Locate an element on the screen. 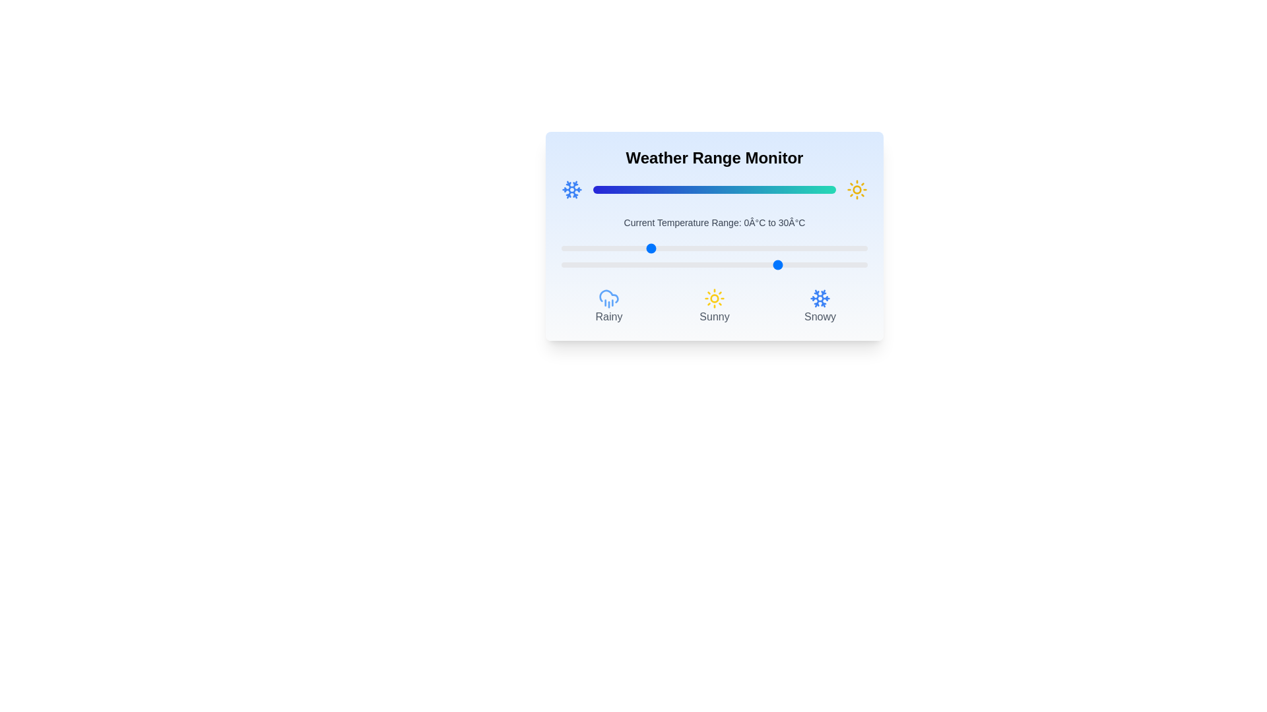  the 'Sunny' weather indicator, which is centrally positioned within the weather panel and visually represents sunny weather conditions is located at coordinates (714, 307).